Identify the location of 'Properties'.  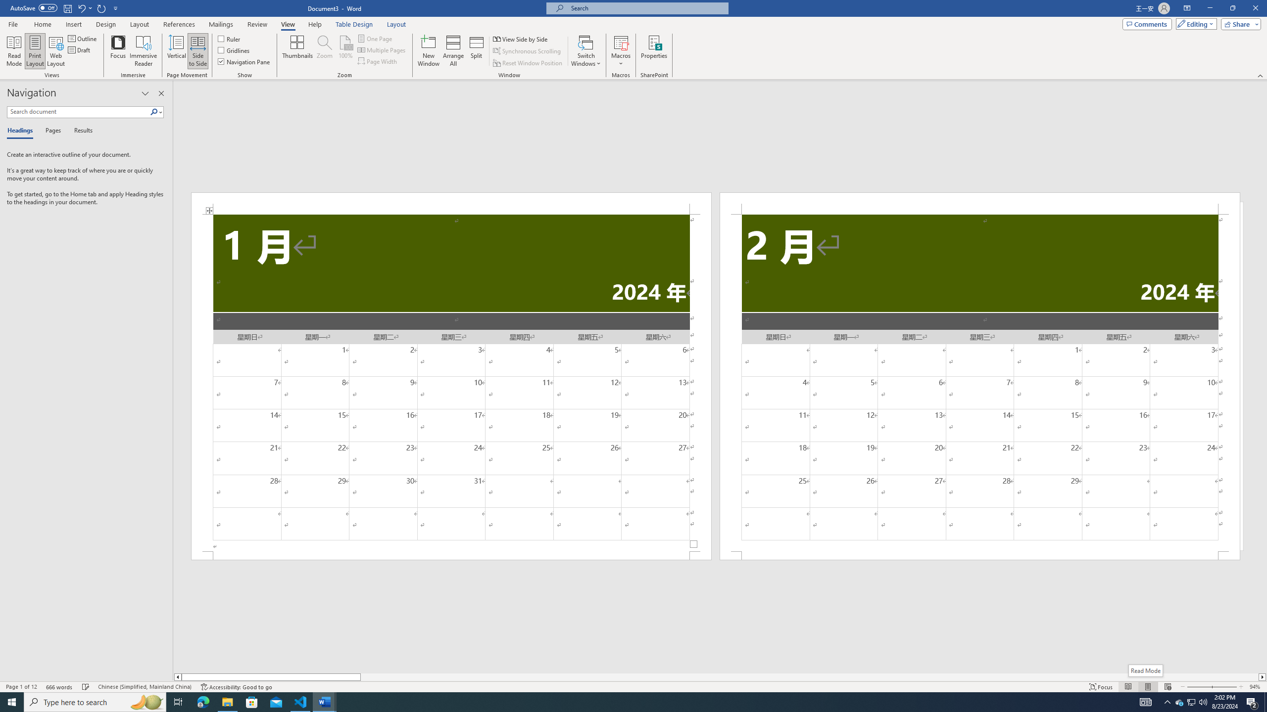
(654, 51).